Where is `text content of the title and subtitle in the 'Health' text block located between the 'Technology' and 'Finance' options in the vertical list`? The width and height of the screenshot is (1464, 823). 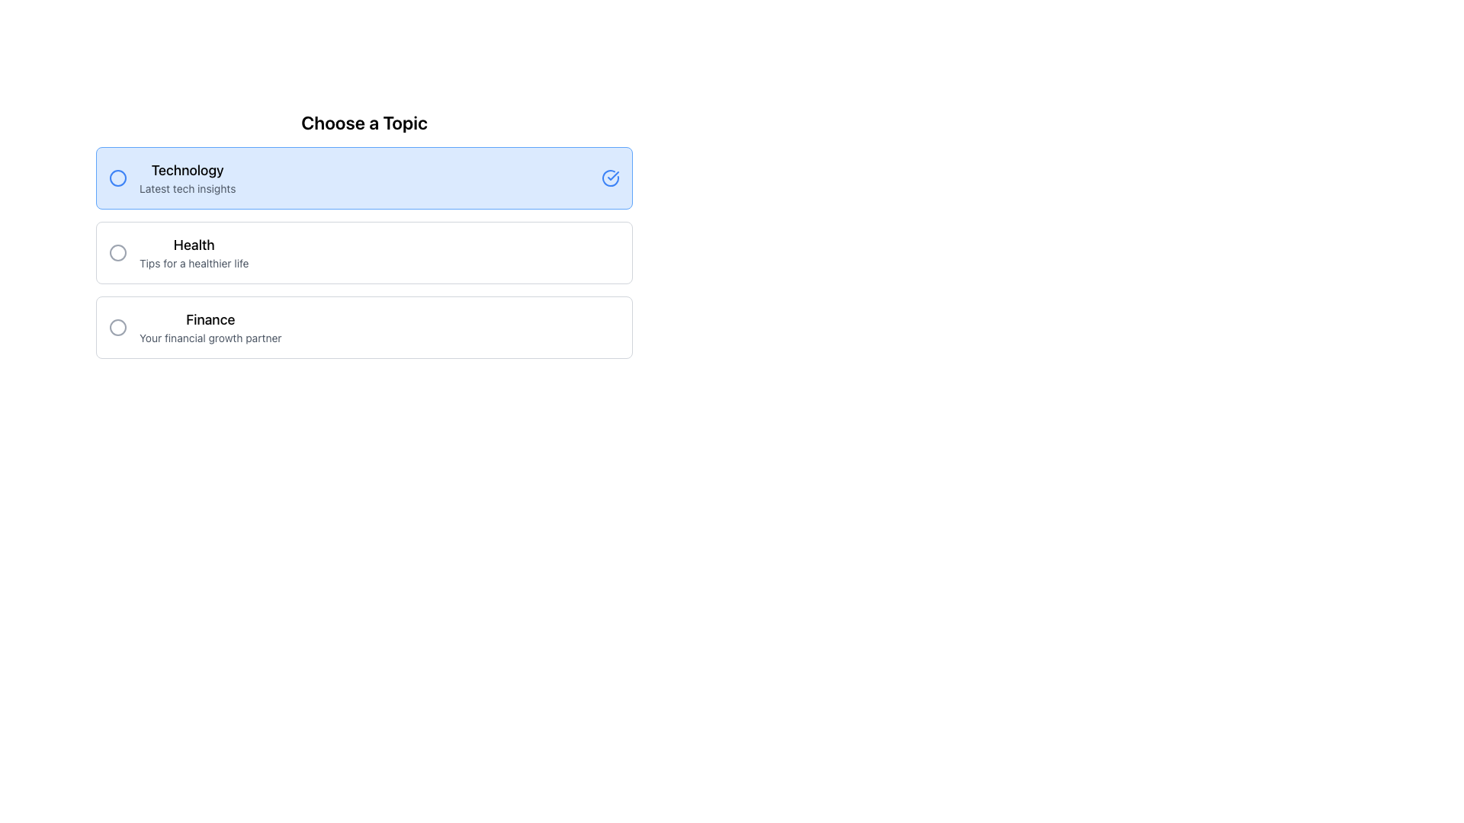 text content of the title and subtitle in the 'Health' text block located between the 'Technology' and 'Finance' options in the vertical list is located at coordinates (193, 251).